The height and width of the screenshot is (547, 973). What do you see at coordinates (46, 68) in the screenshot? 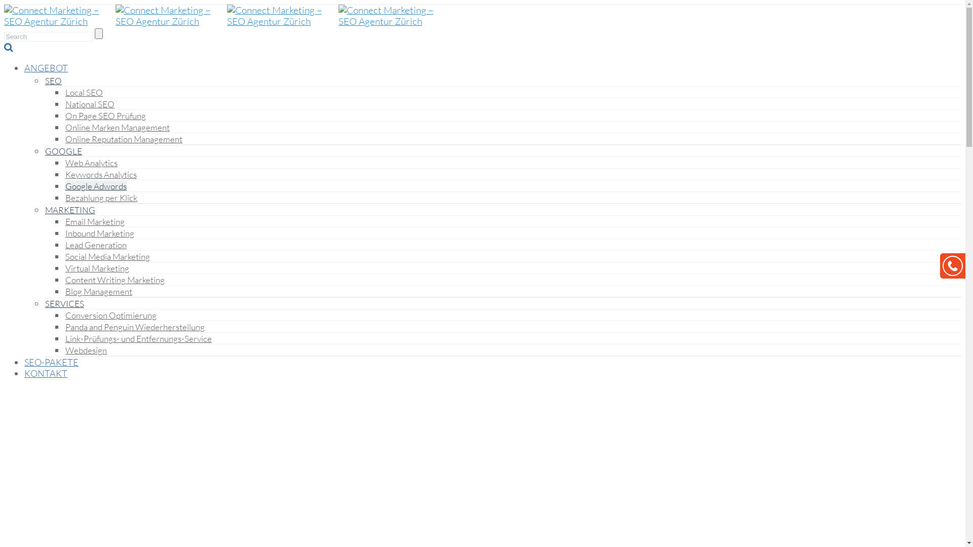
I see `'ANGEBOT'` at bounding box center [46, 68].